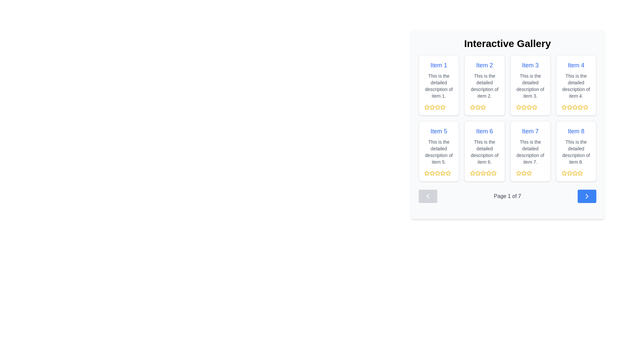 This screenshot has height=360, width=640. What do you see at coordinates (564, 173) in the screenshot?
I see `the first star icon, which is styled with a yellow color outline and is part of the rating system for the eighth item in the gallery` at bounding box center [564, 173].